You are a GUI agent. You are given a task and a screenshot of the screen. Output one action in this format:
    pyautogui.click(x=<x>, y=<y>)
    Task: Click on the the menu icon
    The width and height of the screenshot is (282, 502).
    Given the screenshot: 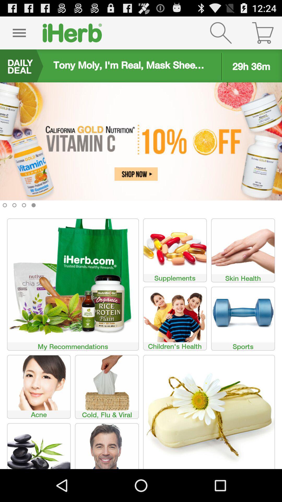 What is the action you would take?
    pyautogui.click(x=19, y=35)
    